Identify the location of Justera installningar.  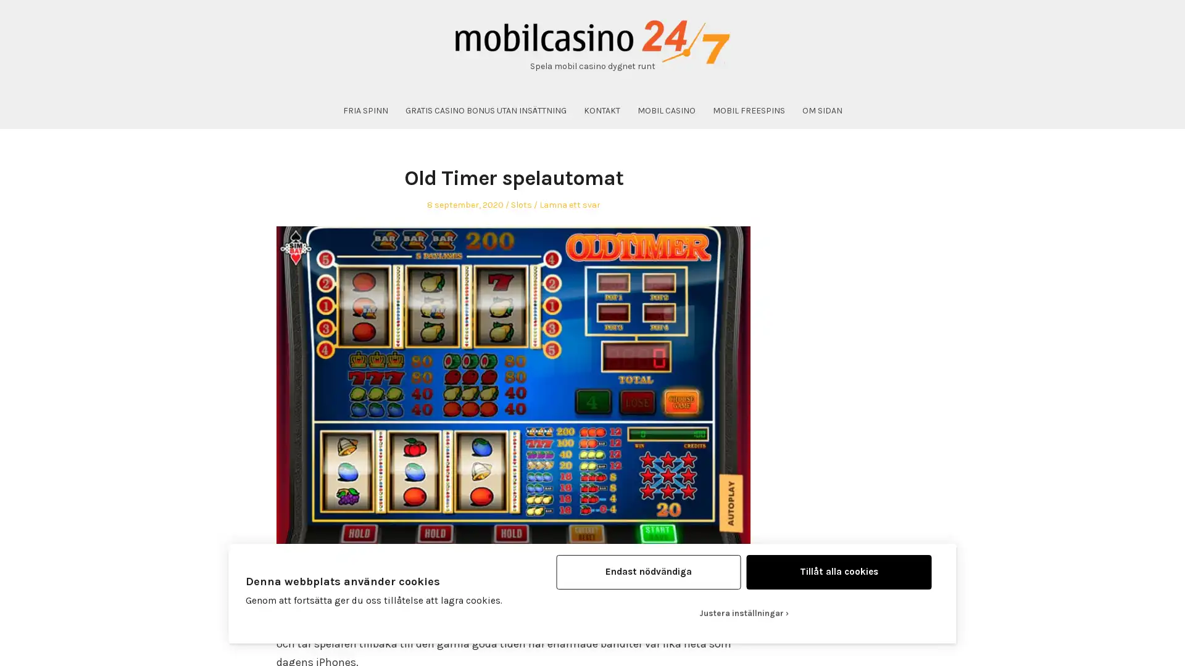
(742, 613).